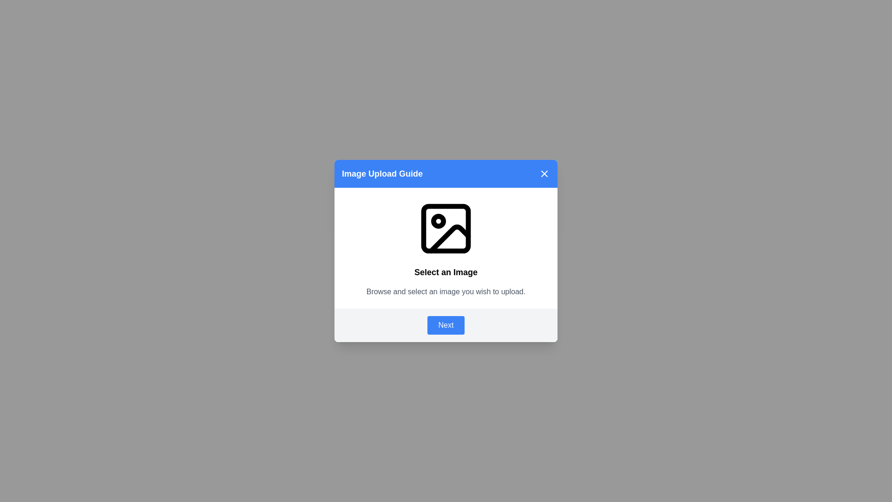 This screenshot has height=502, width=892. Describe the element at coordinates (544, 174) in the screenshot. I see `the close button to close the dialog` at that location.